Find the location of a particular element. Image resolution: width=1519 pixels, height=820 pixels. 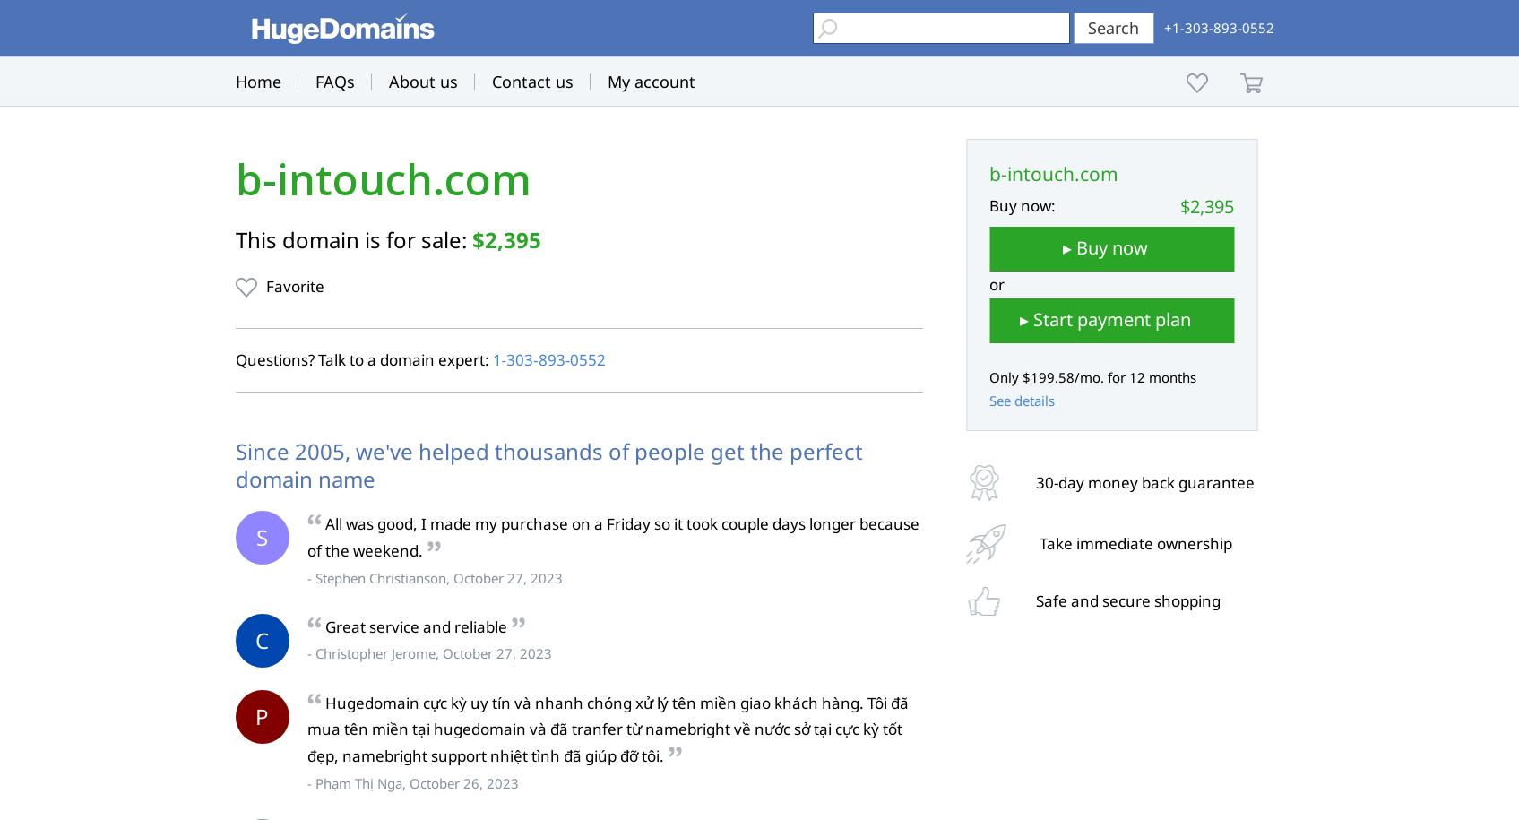

'My account' is located at coordinates (649, 81).